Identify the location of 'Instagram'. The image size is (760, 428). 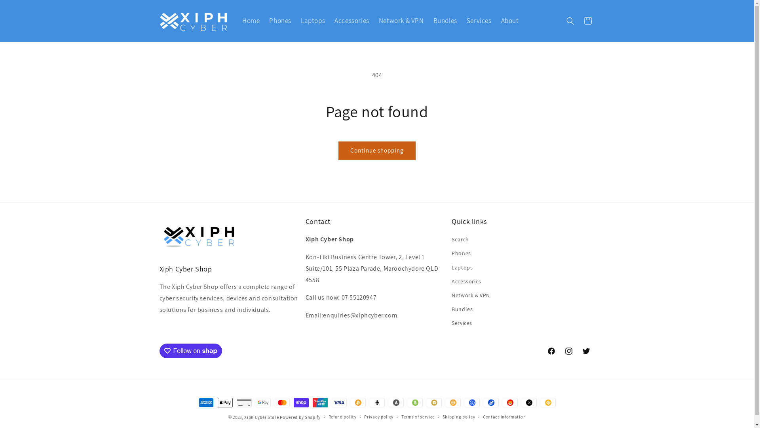
(568, 351).